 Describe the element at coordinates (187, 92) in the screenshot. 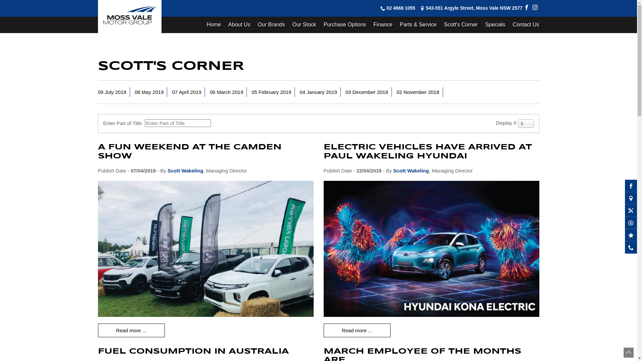

I see `'07 April 2019'` at that location.